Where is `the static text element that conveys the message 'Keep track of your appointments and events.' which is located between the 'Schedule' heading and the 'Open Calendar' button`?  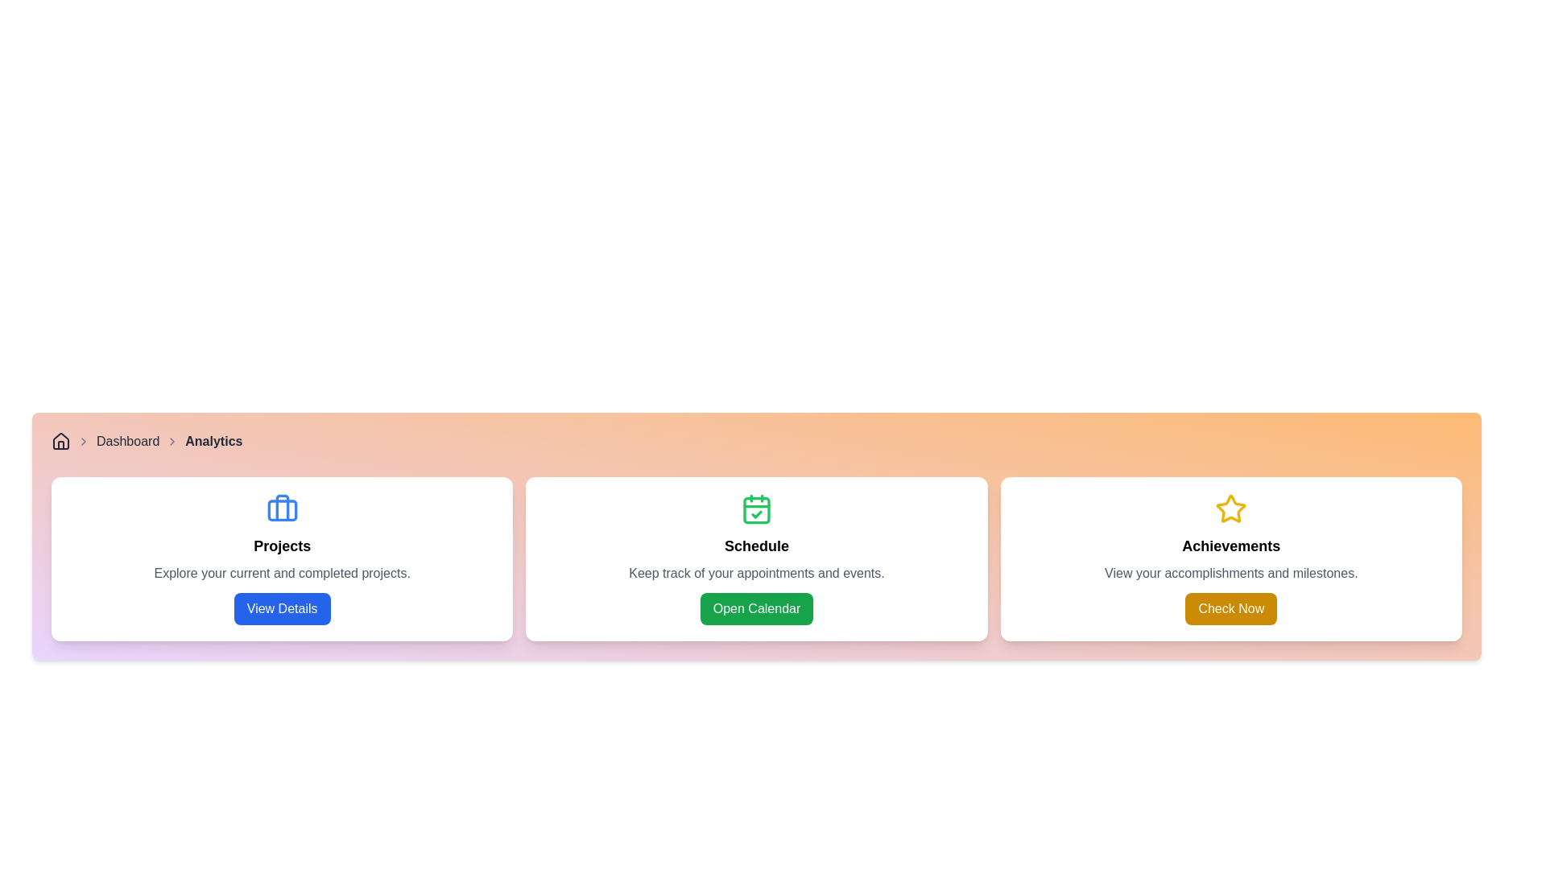
the static text element that conveys the message 'Keep track of your appointments and events.' which is located between the 'Schedule' heading and the 'Open Calendar' button is located at coordinates (756, 573).